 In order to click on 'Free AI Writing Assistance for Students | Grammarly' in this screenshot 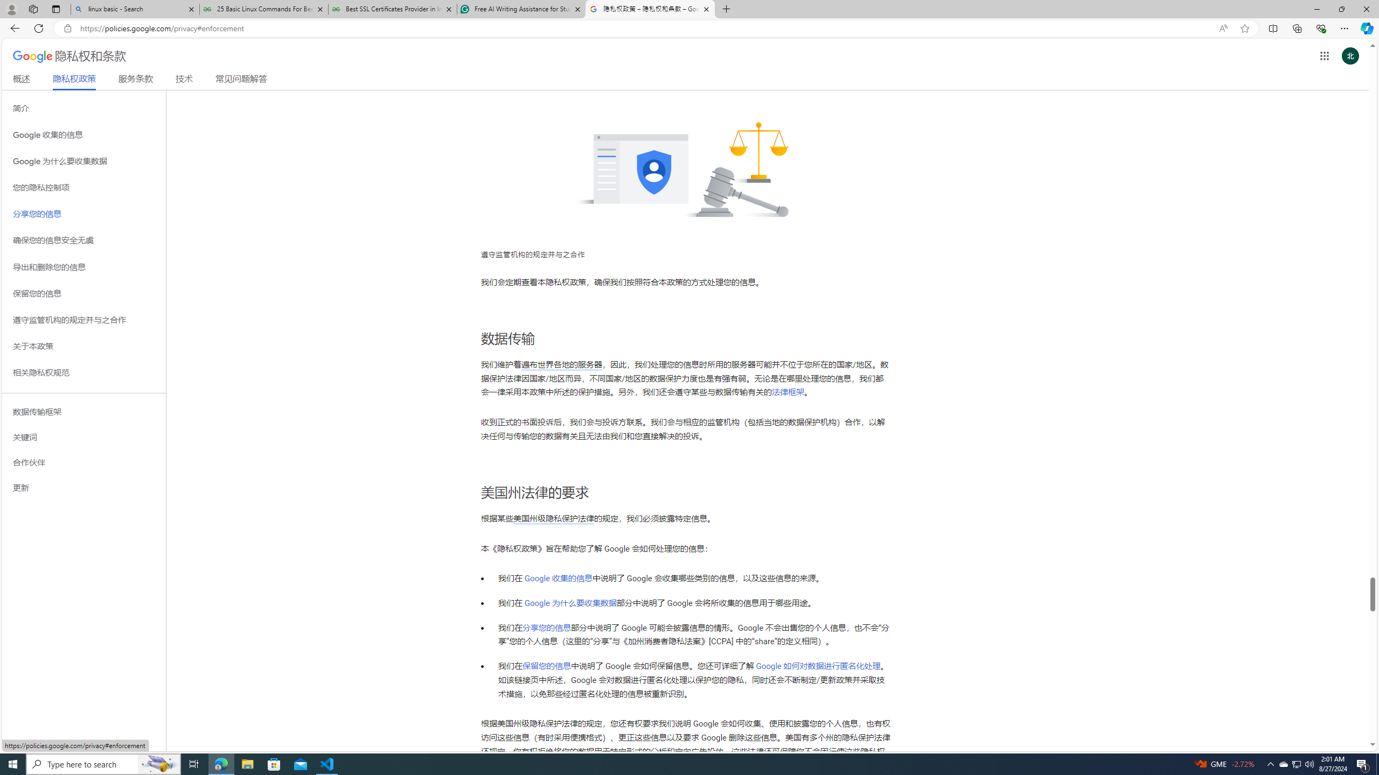, I will do `click(520, 9)`.